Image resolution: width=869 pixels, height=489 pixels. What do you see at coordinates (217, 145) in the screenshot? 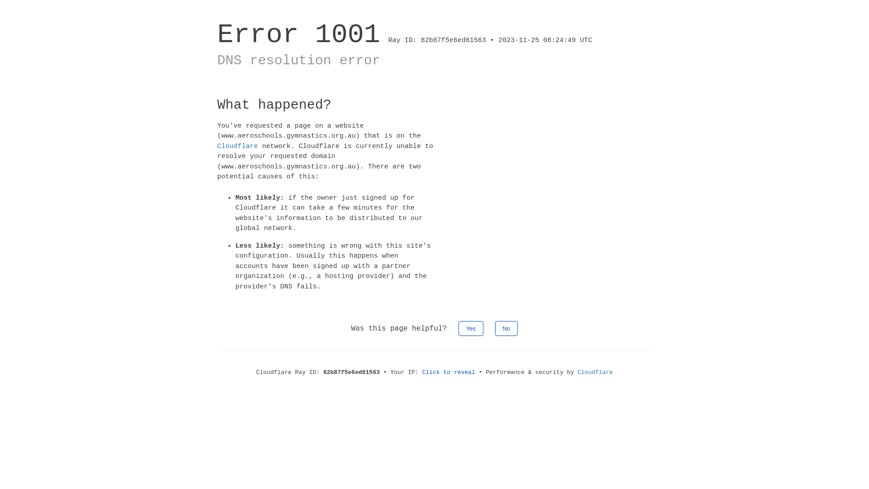
I see `'Cloudflare'` at bounding box center [217, 145].